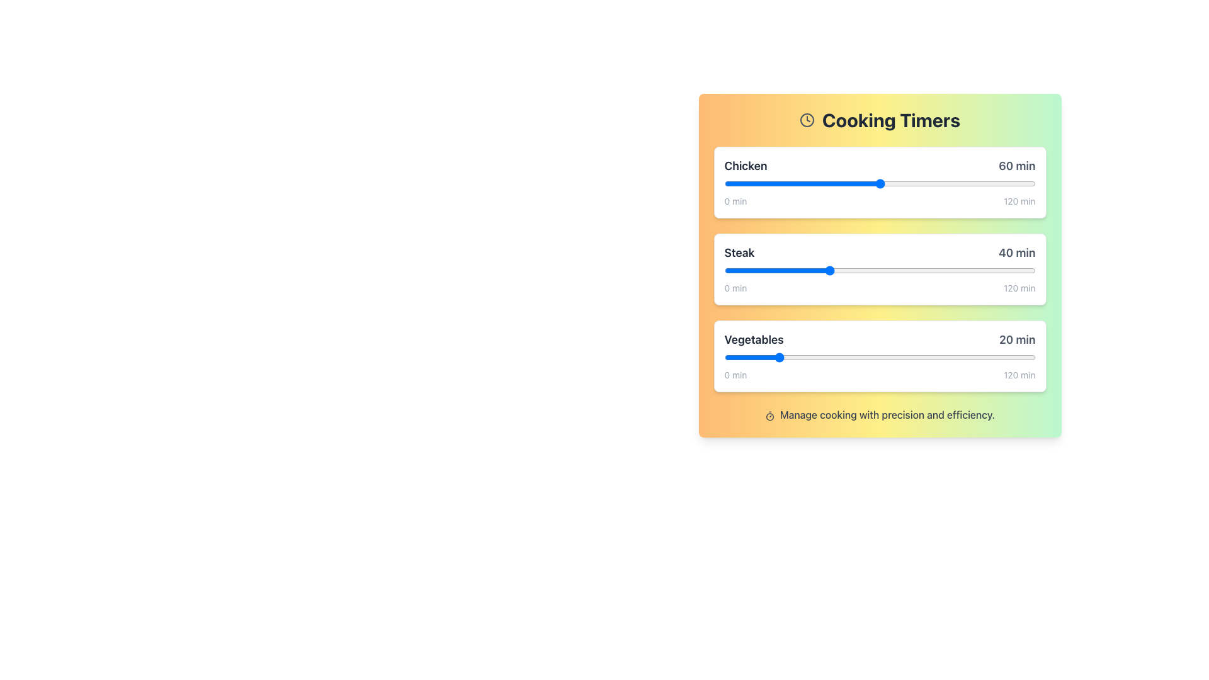 Image resolution: width=1209 pixels, height=680 pixels. I want to click on the cooking timer value, so click(778, 184).